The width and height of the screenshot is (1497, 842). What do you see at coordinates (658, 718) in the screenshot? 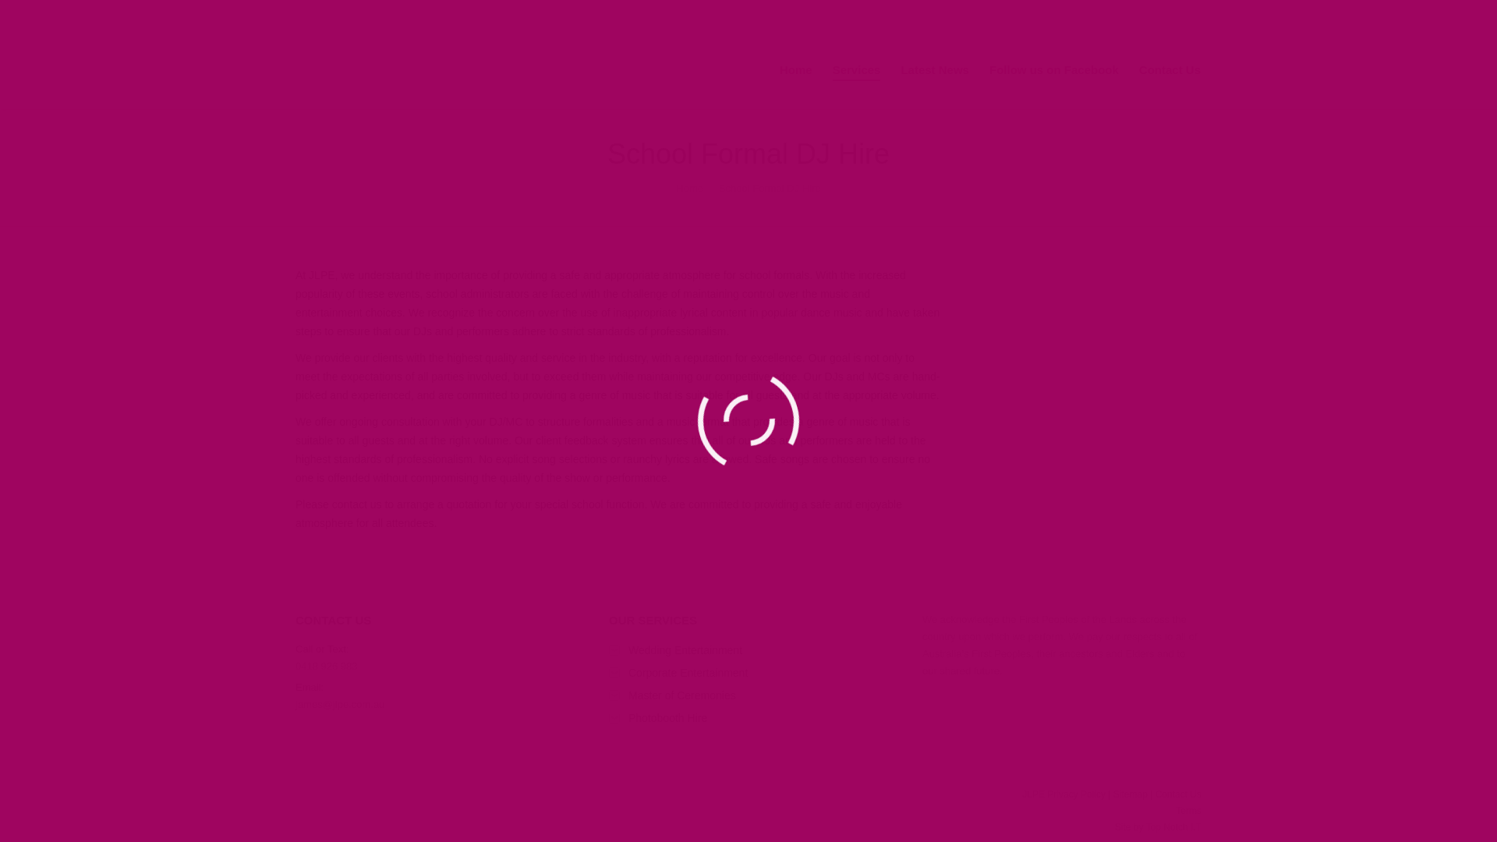
I see `'Photobooth Hire'` at bounding box center [658, 718].